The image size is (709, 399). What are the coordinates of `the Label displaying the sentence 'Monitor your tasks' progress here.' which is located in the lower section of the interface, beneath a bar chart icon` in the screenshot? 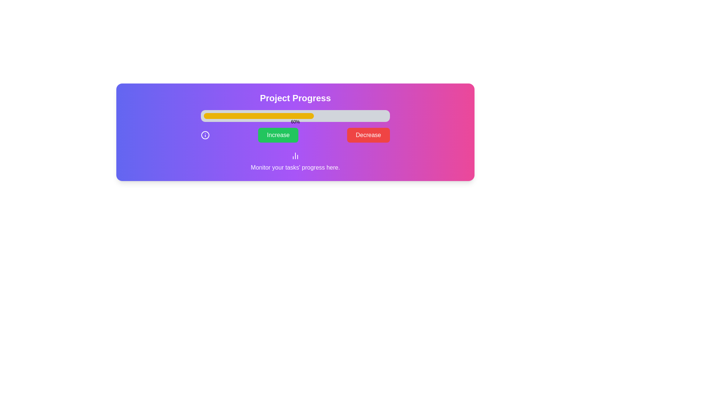 It's located at (295, 168).